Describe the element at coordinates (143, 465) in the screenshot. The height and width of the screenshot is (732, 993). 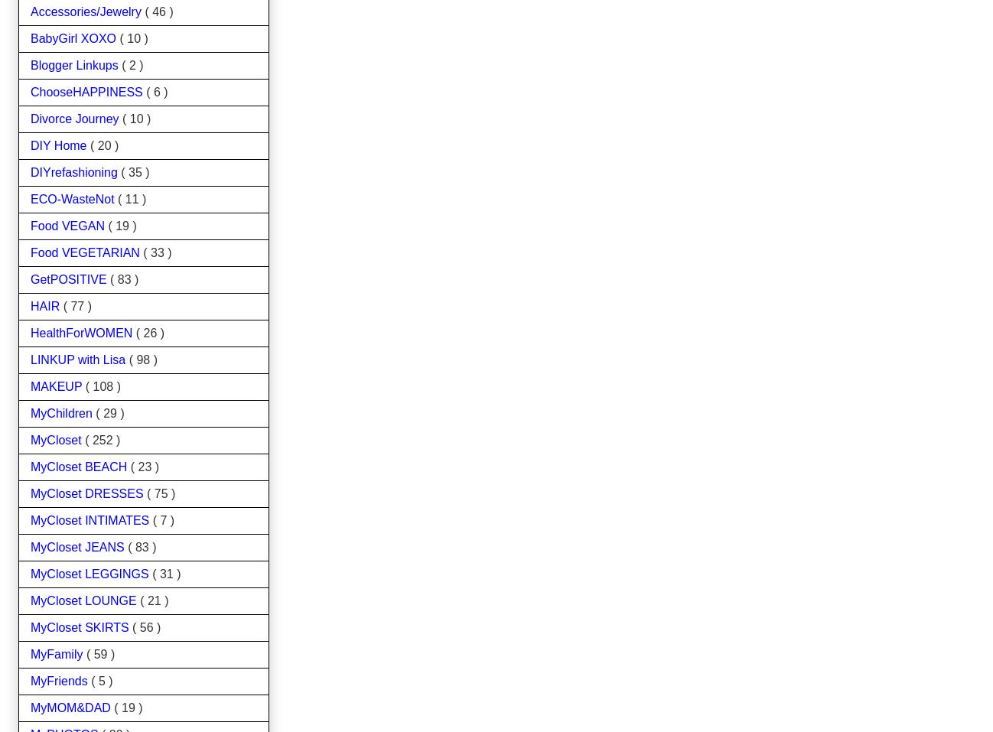
I see `'(
                      23
                      )'` at that location.